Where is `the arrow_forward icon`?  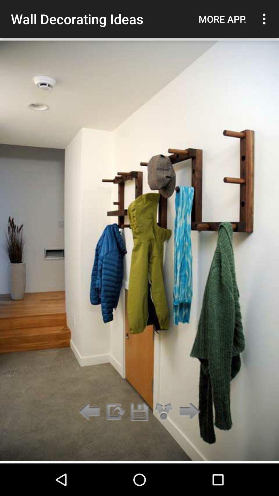 the arrow_forward icon is located at coordinates (188, 412).